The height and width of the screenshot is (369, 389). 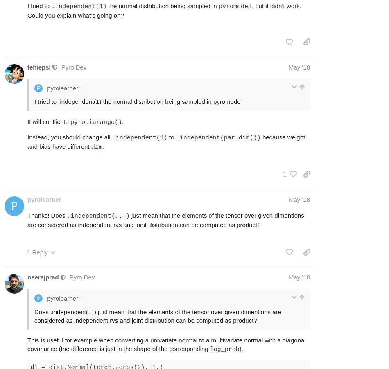 What do you see at coordinates (37, 252) in the screenshot?
I see `'1 Reply'` at bounding box center [37, 252].